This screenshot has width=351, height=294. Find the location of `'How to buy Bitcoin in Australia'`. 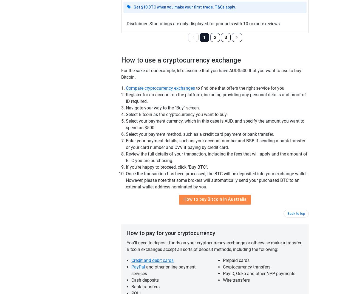

'How to buy Bitcoin in Australia' is located at coordinates (215, 199).